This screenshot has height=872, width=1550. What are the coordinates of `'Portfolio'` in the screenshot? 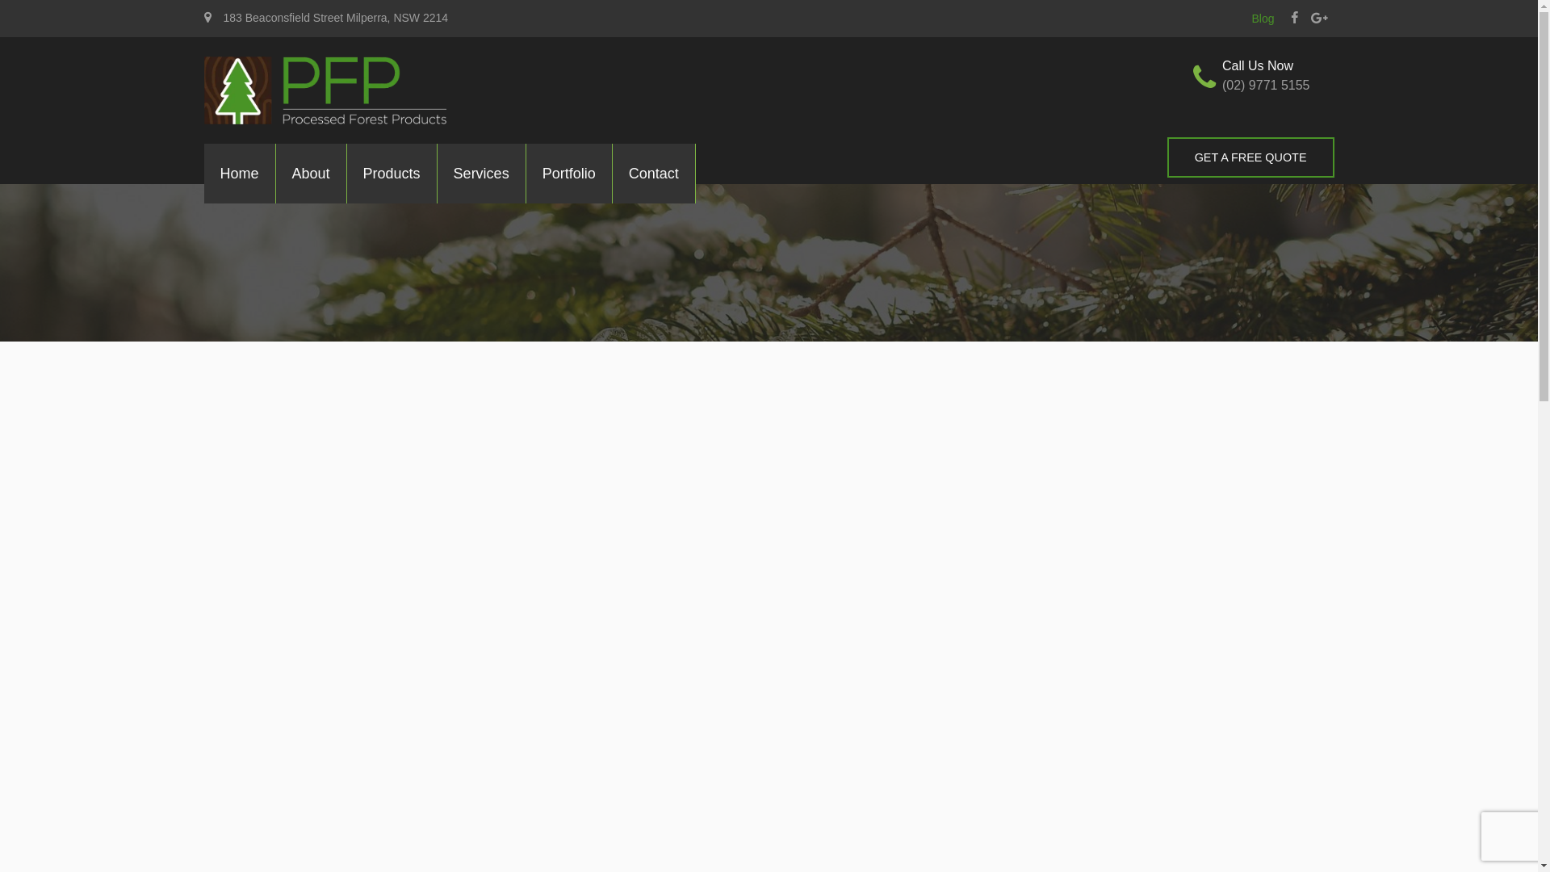 It's located at (569, 174).